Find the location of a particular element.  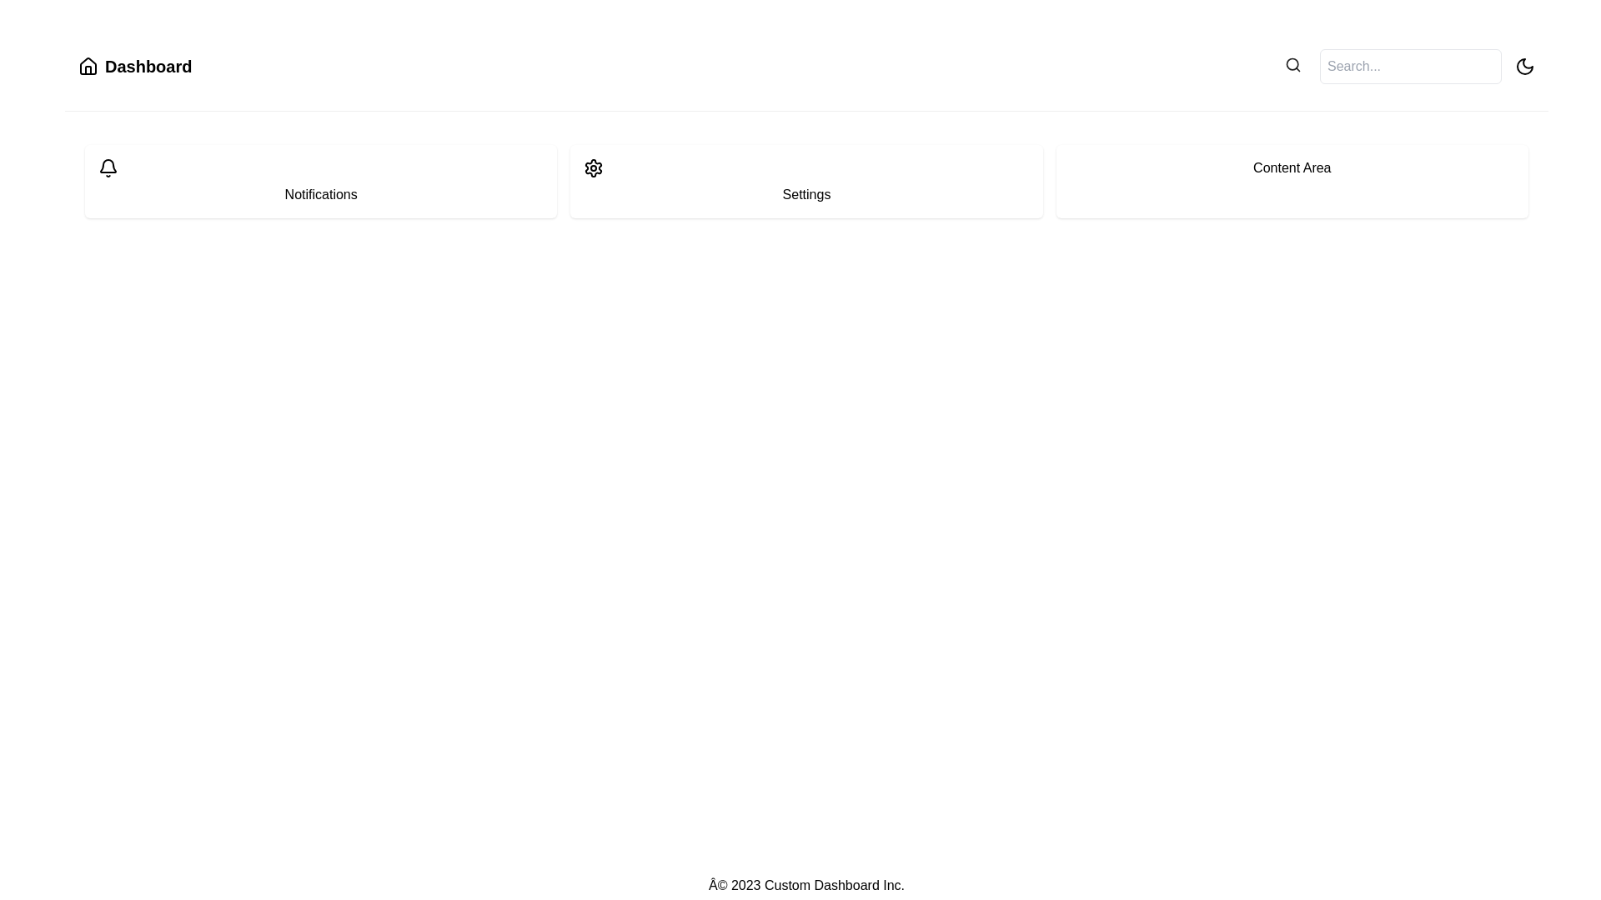

the crescent moon icon at the top-right corner of the interface is located at coordinates (1524, 66).